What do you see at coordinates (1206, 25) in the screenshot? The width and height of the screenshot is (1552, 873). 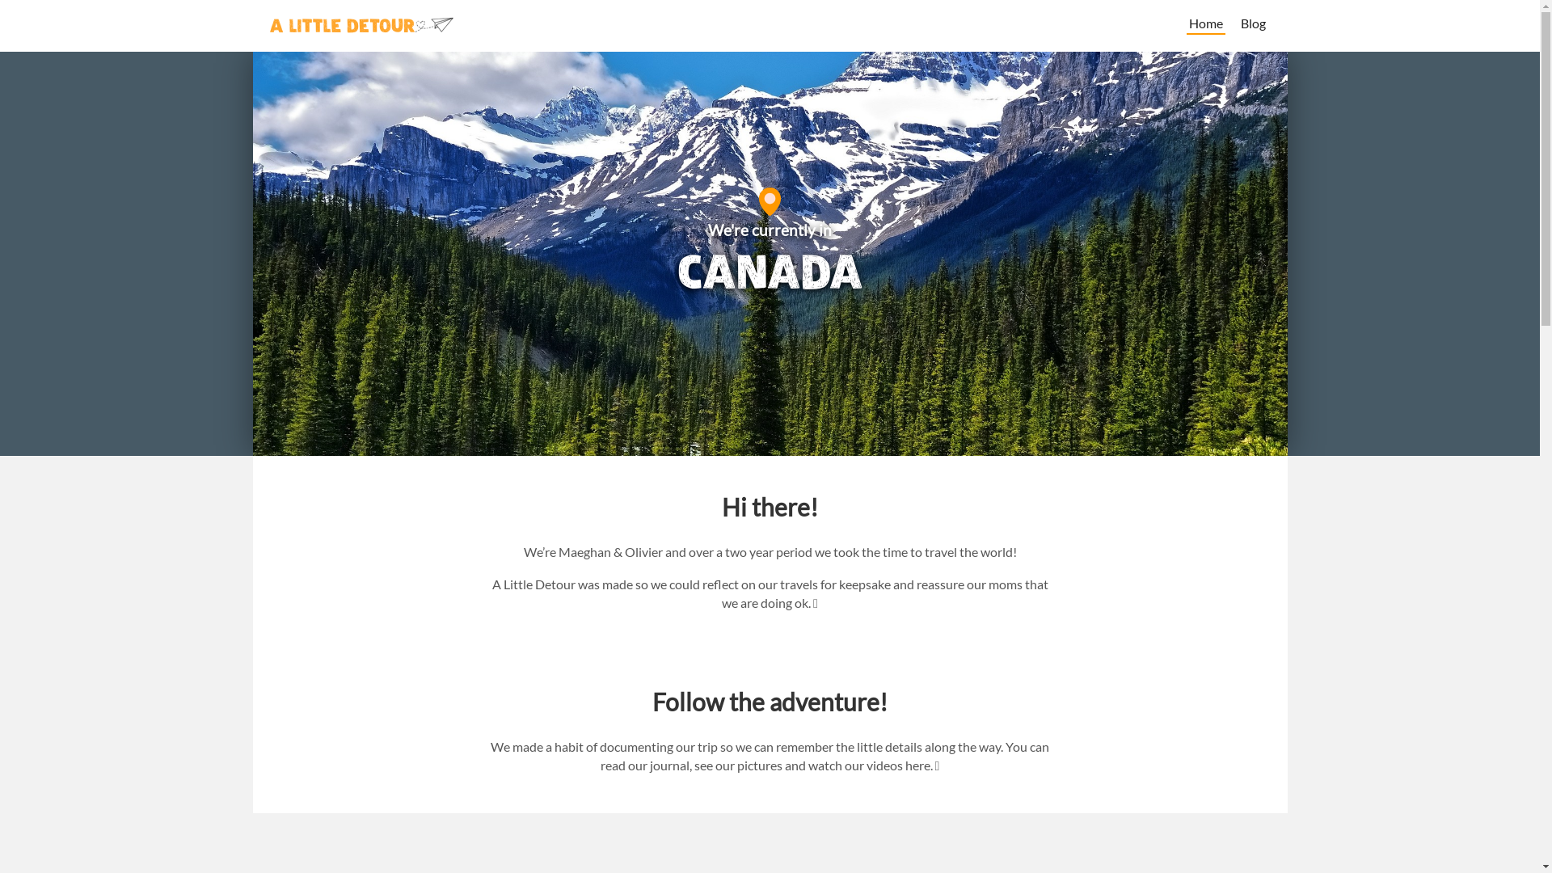 I see `'Home'` at bounding box center [1206, 25].